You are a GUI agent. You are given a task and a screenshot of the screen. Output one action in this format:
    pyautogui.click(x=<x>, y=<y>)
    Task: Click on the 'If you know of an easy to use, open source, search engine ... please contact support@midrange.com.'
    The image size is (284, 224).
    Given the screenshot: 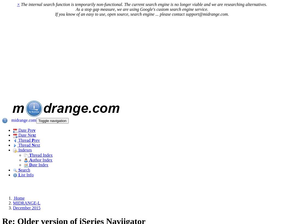 What is the action you would take?
    pyautogui.click(x=141, y=14)
    